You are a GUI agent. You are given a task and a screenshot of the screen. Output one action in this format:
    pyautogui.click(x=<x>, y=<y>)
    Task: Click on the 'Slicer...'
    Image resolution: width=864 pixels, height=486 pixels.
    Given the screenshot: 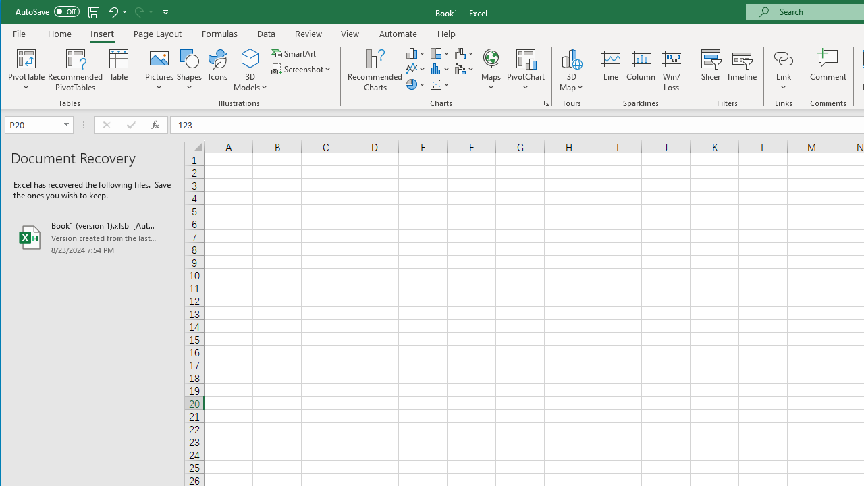 What is the action you would take?
    pyautogui.click(x=709, y=70)
    